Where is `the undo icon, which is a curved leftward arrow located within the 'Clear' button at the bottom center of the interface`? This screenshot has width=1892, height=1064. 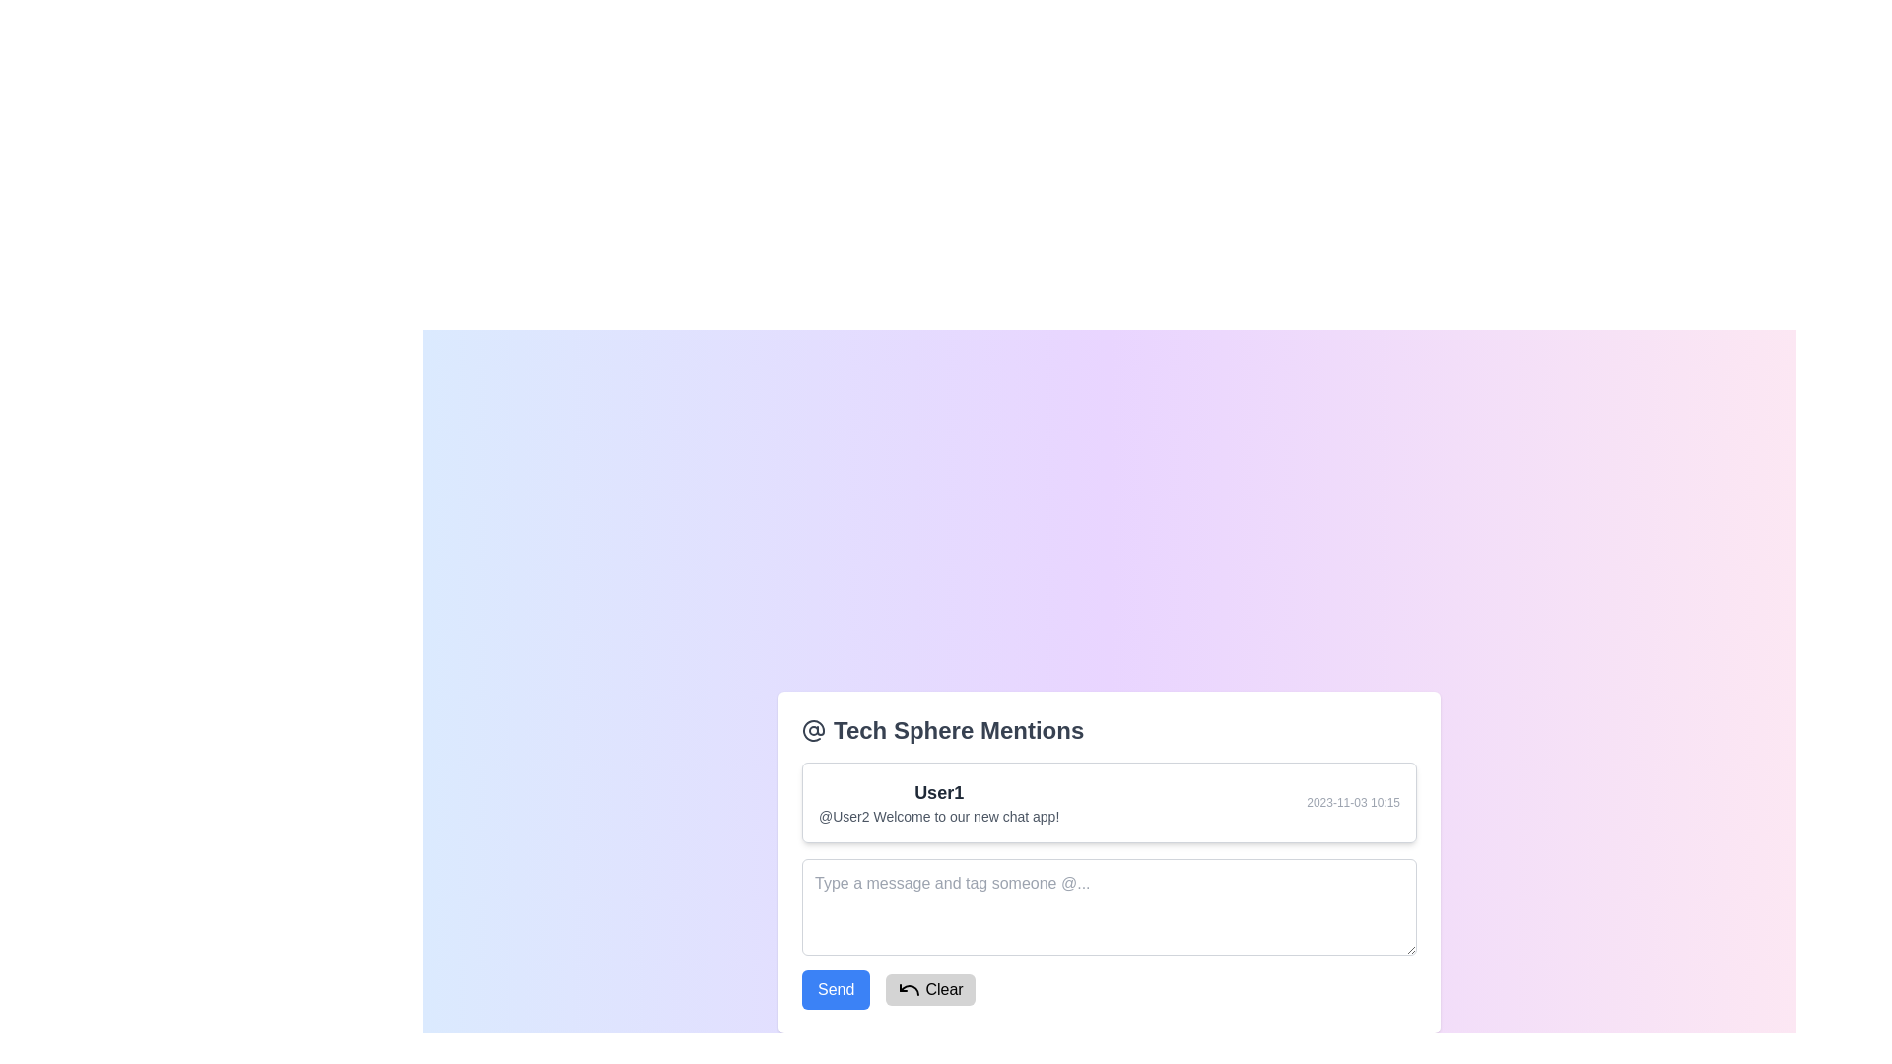
the undo icon, which is a curved leftward arrow located within the 'Clear' button at the bottom center of the interface is located at coordinates (909, 989).